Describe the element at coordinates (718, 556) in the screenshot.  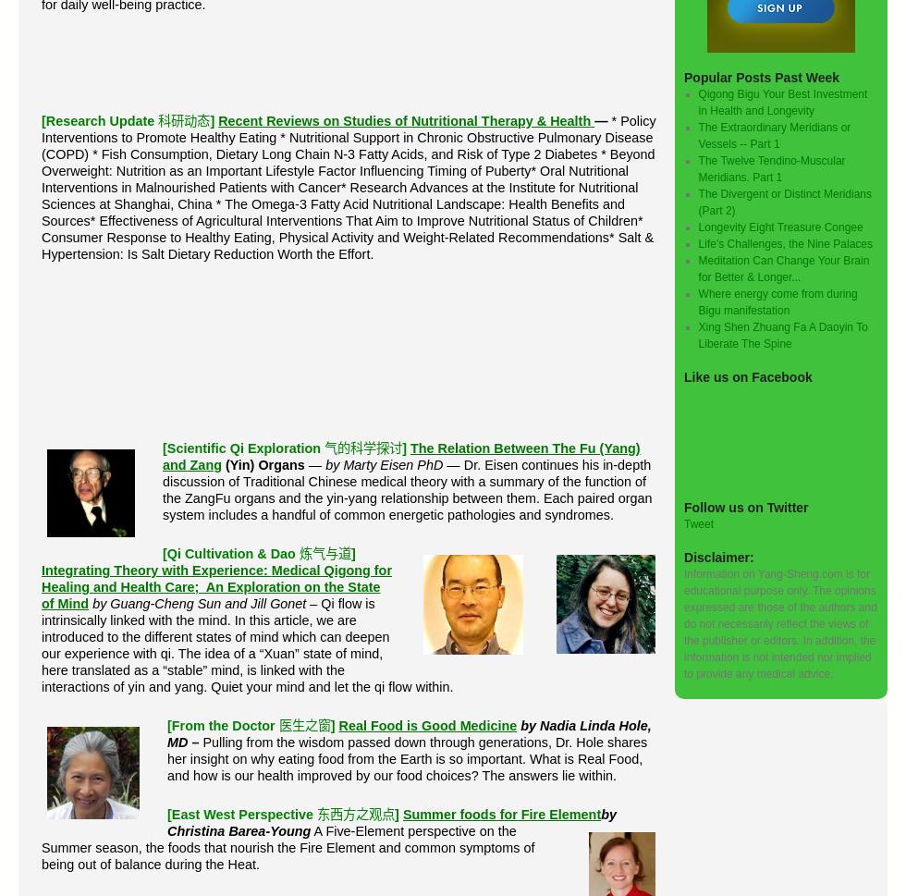
I see `'Disclaimer:'` at that location.